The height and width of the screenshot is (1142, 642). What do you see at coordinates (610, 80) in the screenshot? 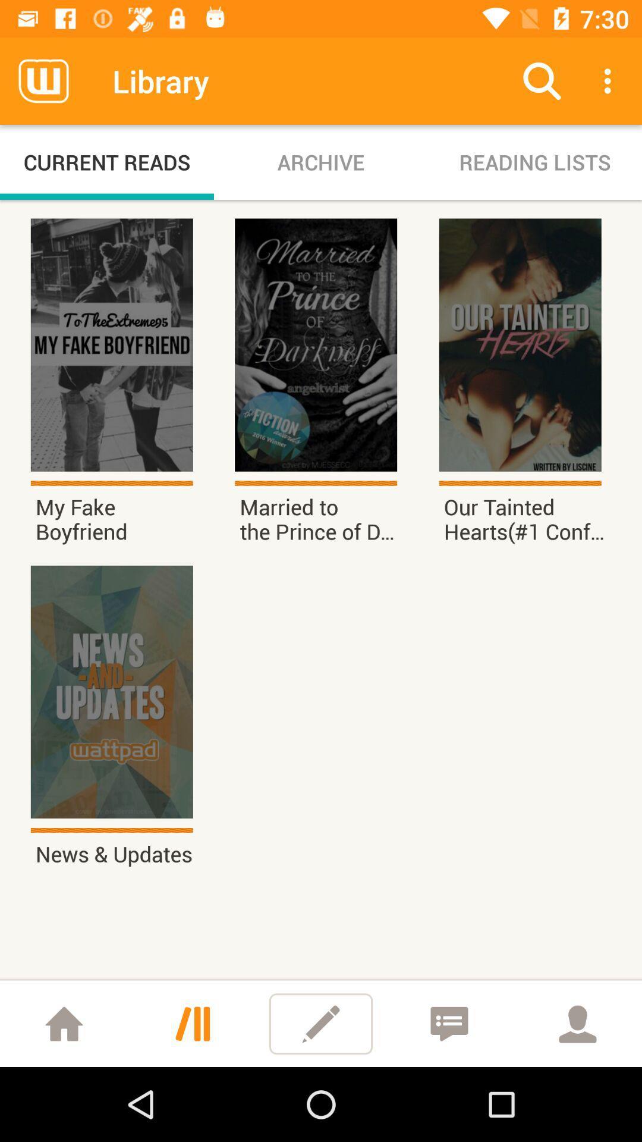
I see `icon above the reading lists` at bounding box center [610, 80].